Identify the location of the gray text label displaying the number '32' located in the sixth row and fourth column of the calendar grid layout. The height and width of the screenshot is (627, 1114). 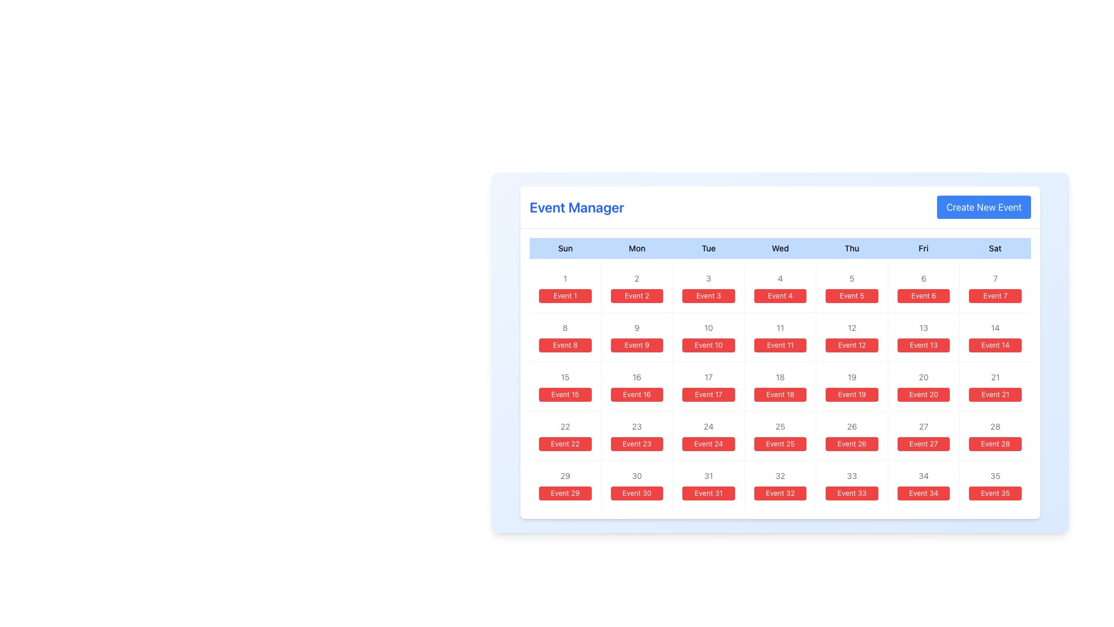
(780, 476).